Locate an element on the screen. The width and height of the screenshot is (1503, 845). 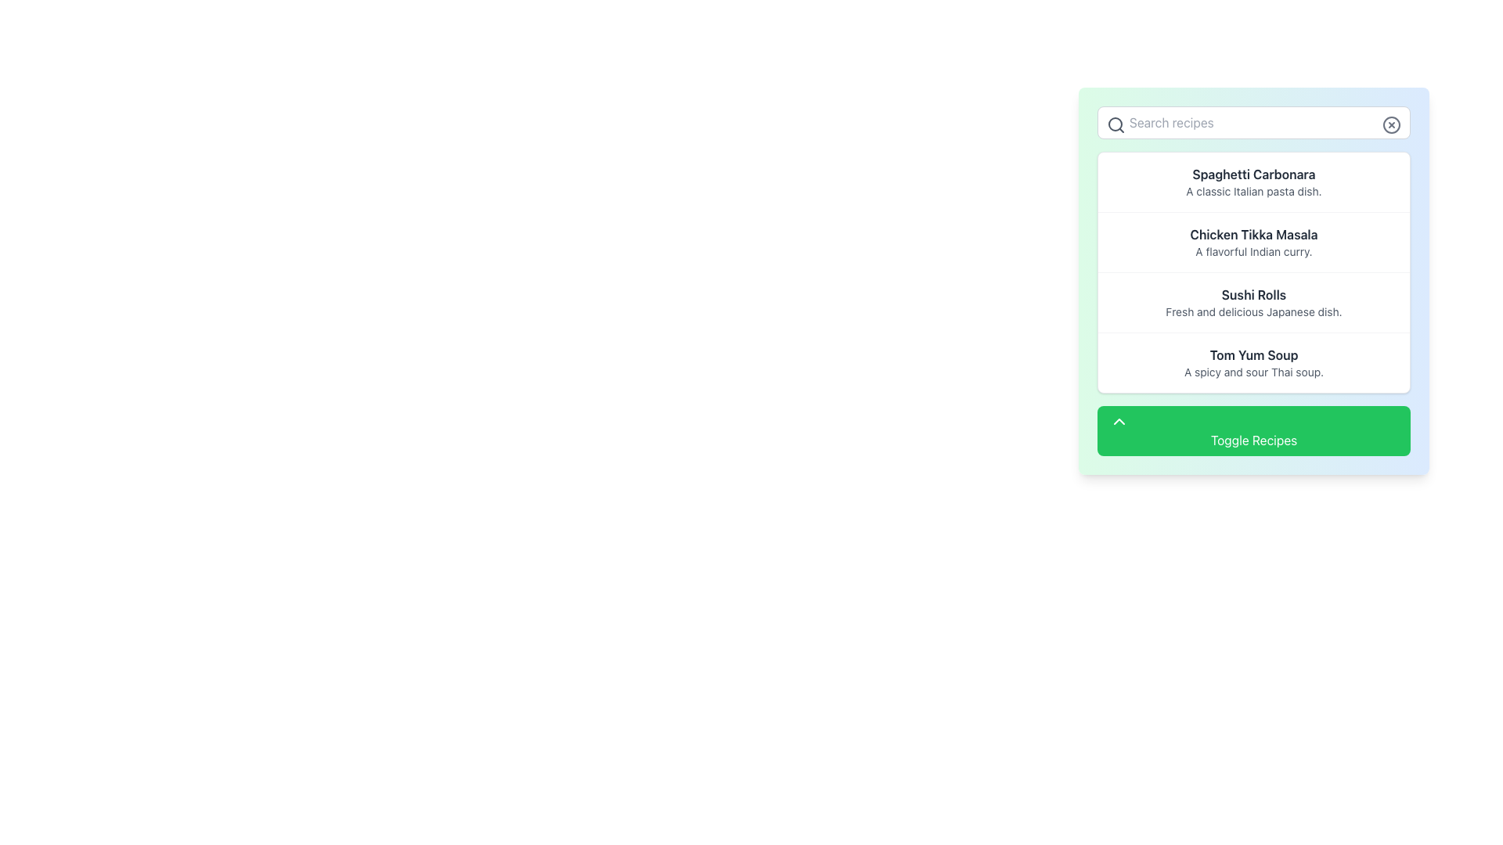
the text label displaying 'Sushi Rolls', which is prominently styled in bold dark gray and serves as the heading for the content section is located at coordinates (1254, 295).